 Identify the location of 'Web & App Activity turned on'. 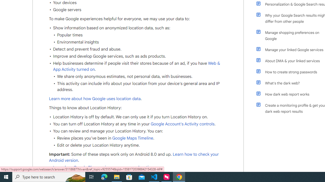
(136, 66).